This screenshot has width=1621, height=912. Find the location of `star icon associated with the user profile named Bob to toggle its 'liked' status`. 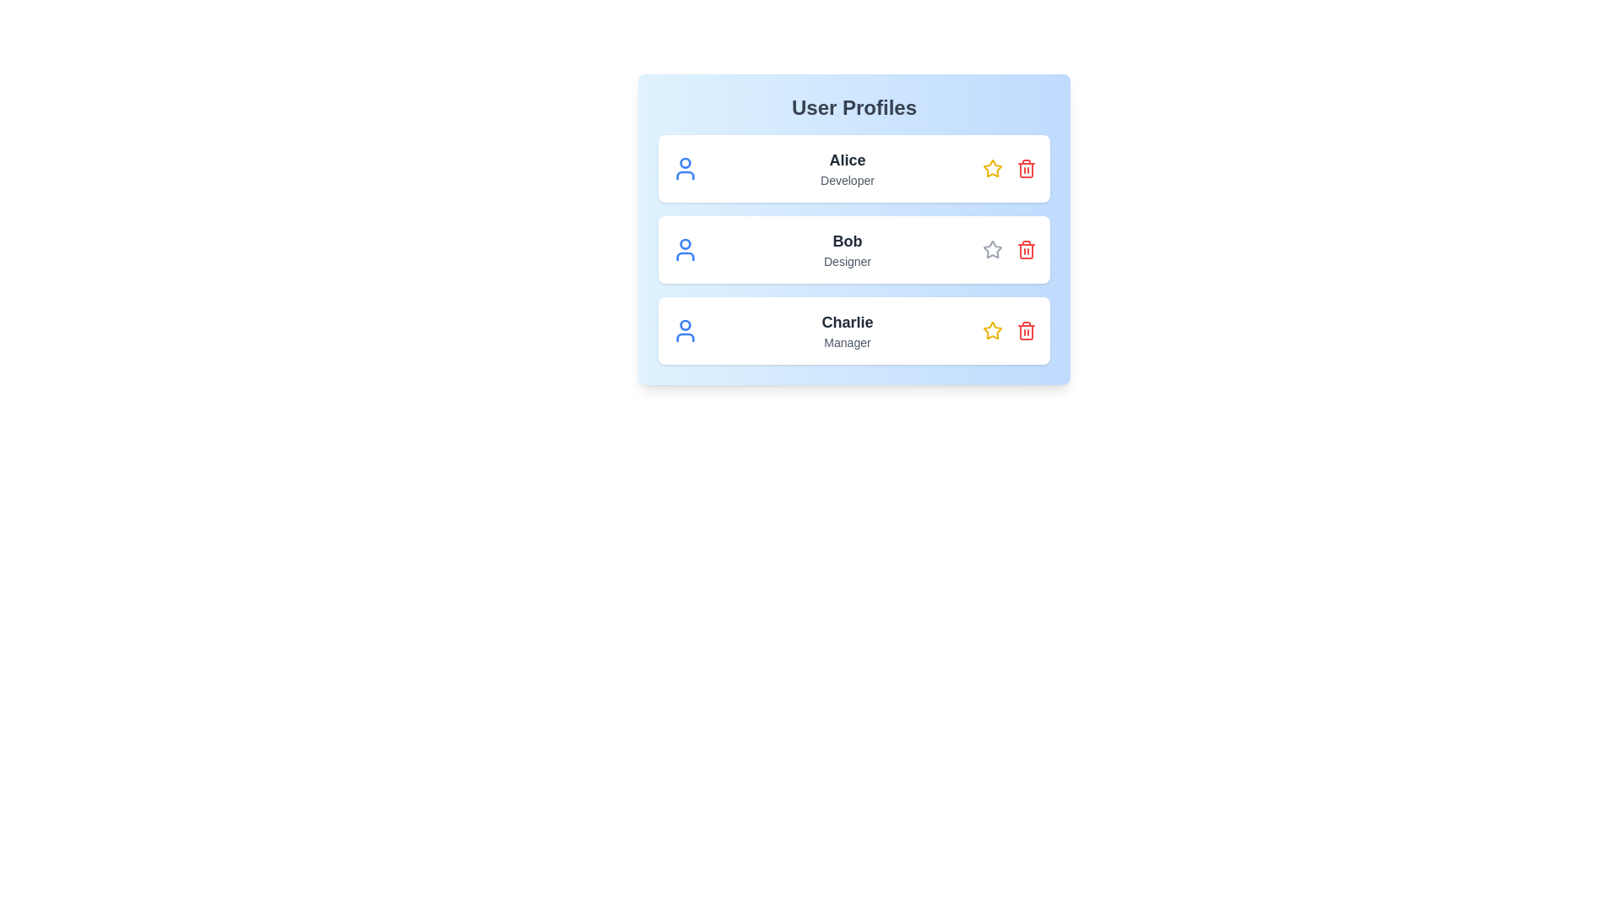

star icon associated with the user profile named Bob to toggle its 'liked' status is located at coordinates (993, 250).